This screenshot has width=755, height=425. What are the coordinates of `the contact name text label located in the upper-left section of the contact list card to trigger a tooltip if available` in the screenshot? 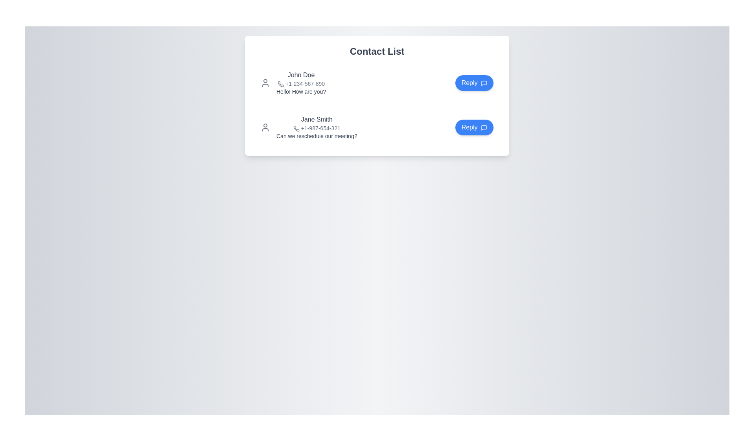 It's located at (301, 75).